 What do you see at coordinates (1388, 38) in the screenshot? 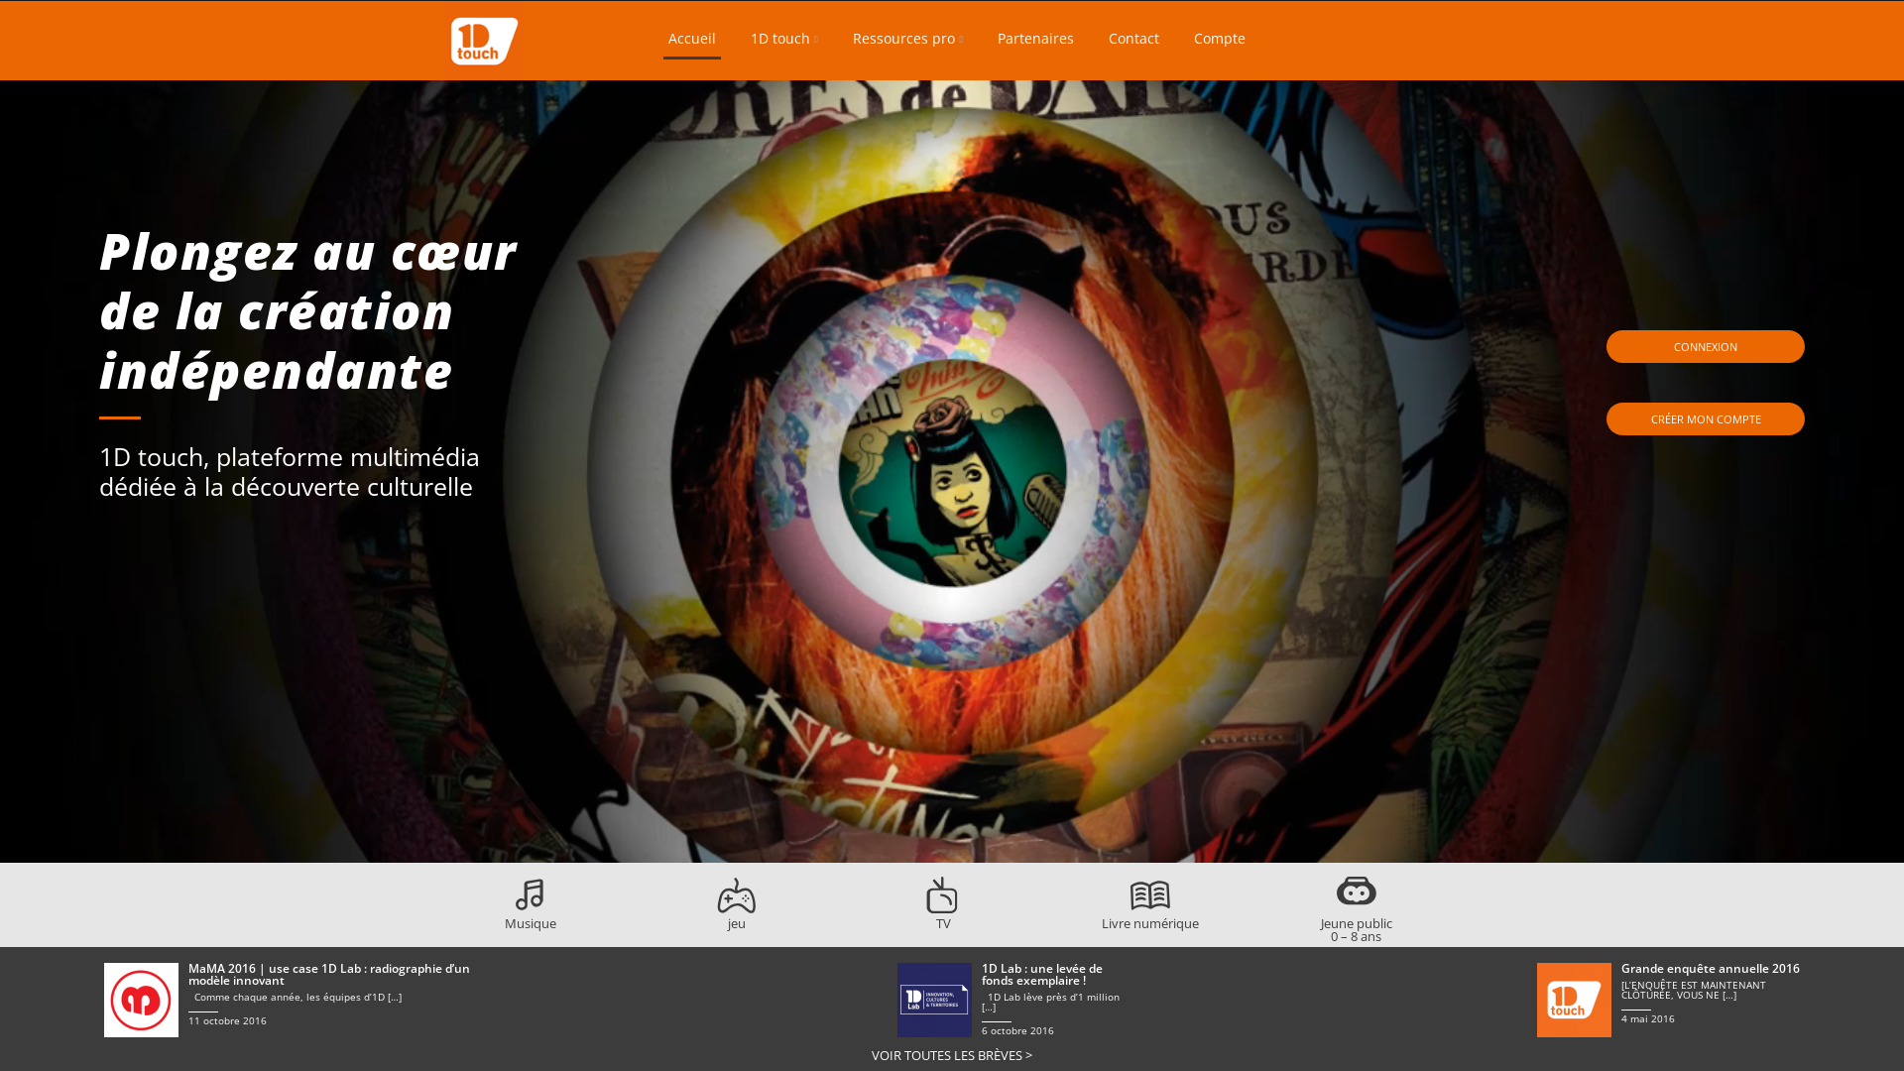
I see `'Twitter'` at bounding box center [1388, 38].